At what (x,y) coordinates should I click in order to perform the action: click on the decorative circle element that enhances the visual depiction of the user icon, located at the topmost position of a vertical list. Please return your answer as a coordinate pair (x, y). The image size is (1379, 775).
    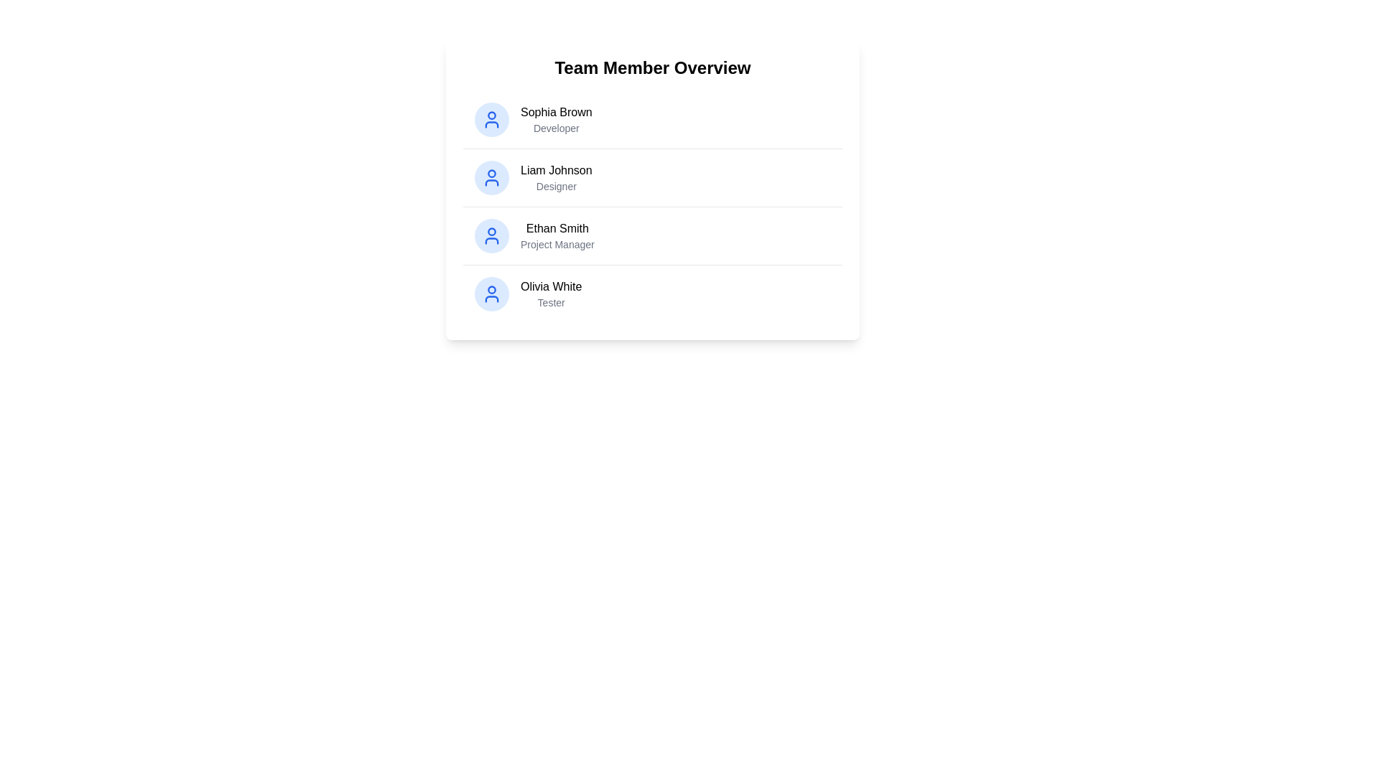
    Looking at the image, I should click on (492, 115).